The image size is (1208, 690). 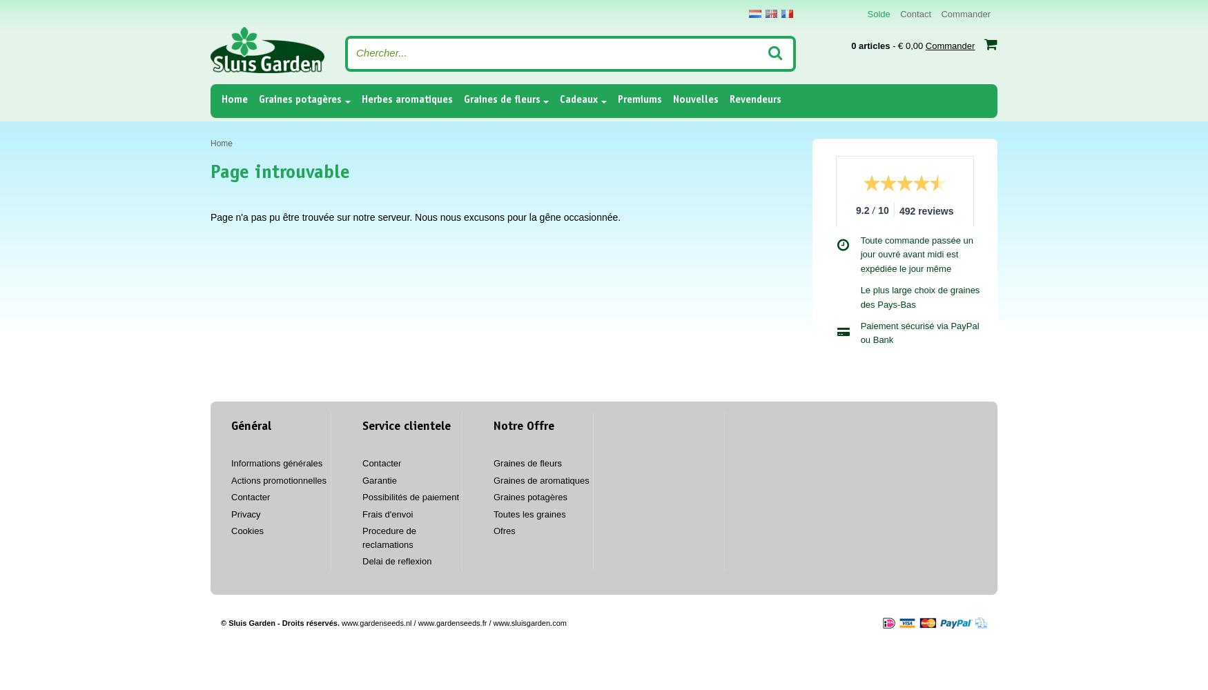 I want to click on 'Revendeurs', so click(x=728, y=100).